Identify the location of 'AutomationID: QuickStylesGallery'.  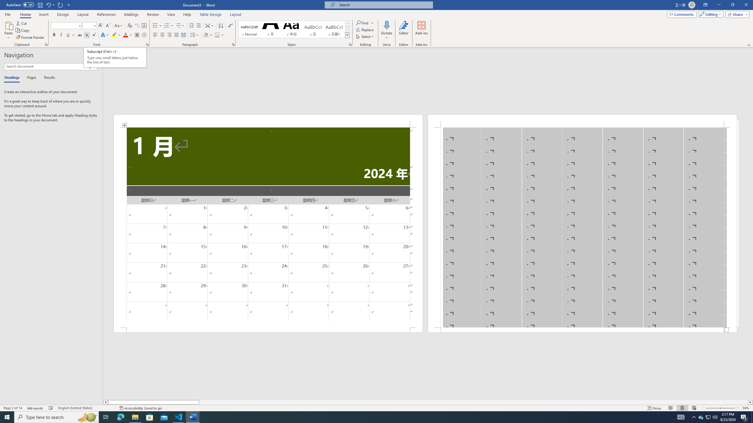
(294, 29).